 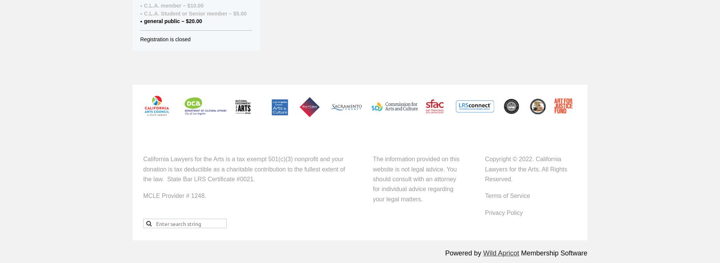 I want to click on 'Terms of Service', so click(x=507, y=195).